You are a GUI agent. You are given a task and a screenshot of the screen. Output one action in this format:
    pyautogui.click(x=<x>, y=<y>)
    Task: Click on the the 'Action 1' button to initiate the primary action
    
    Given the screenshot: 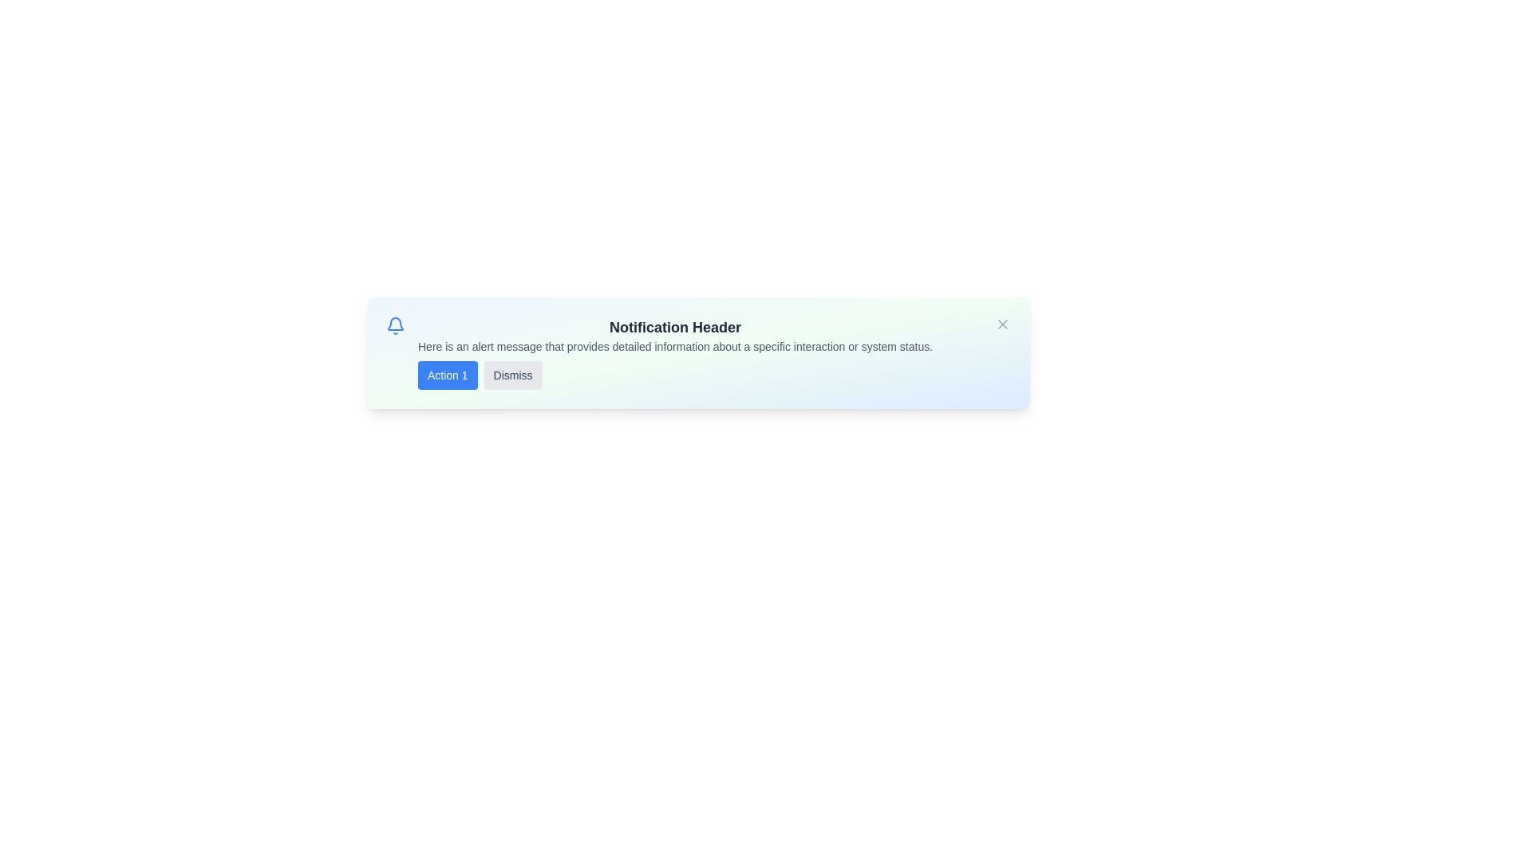 What is the action you would take?
    pyautogui.click(x=447, y=375)
    